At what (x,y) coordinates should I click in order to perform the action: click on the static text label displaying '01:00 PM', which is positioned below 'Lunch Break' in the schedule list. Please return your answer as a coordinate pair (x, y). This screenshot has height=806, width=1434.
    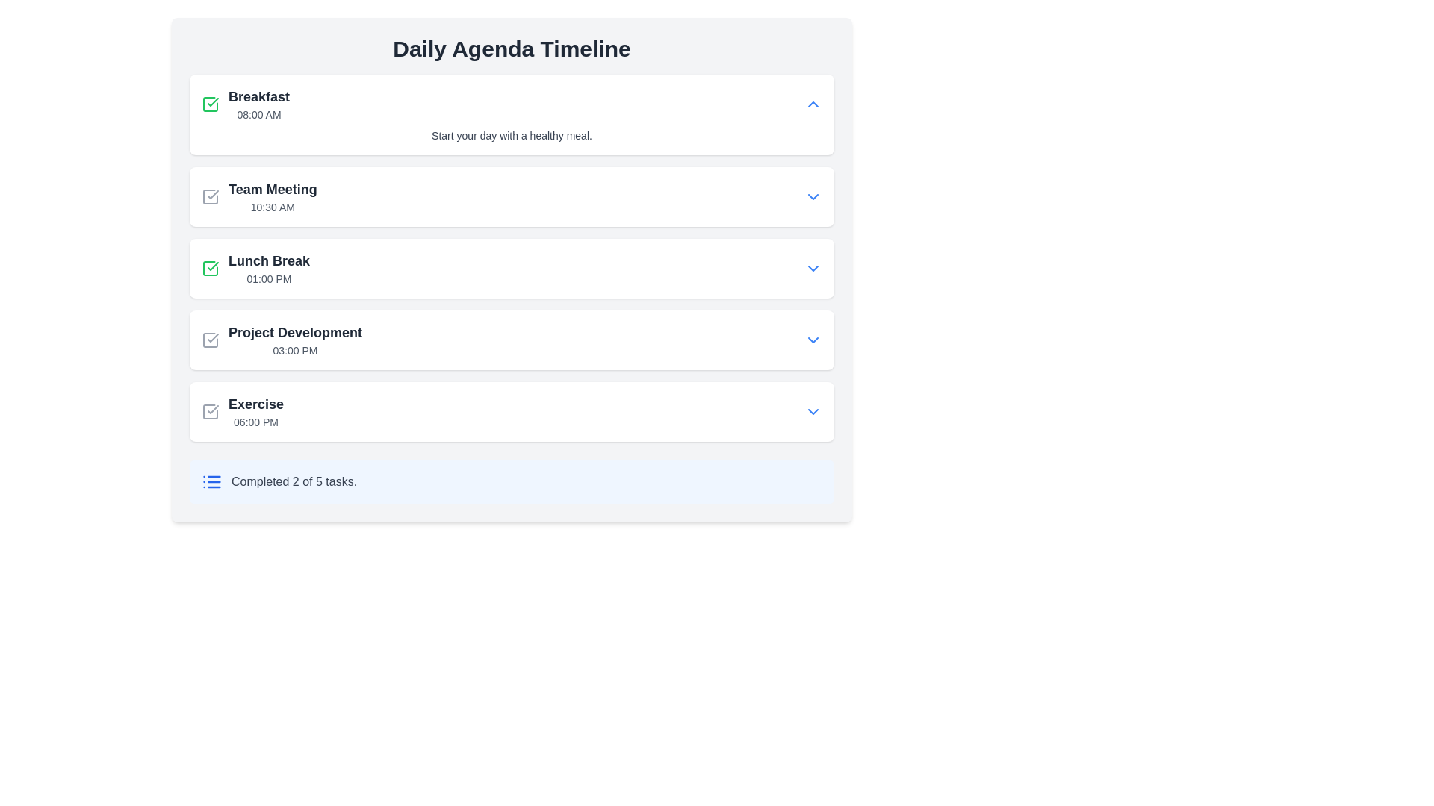
    Looking at the image, I should click on (269, 279).